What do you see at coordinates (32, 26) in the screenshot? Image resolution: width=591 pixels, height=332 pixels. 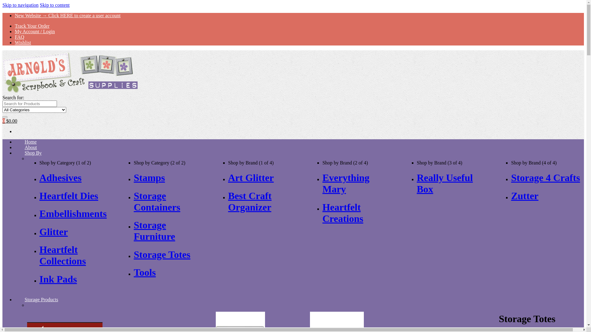 I see `'Track Your Order'` at bounding box center [32, 26].